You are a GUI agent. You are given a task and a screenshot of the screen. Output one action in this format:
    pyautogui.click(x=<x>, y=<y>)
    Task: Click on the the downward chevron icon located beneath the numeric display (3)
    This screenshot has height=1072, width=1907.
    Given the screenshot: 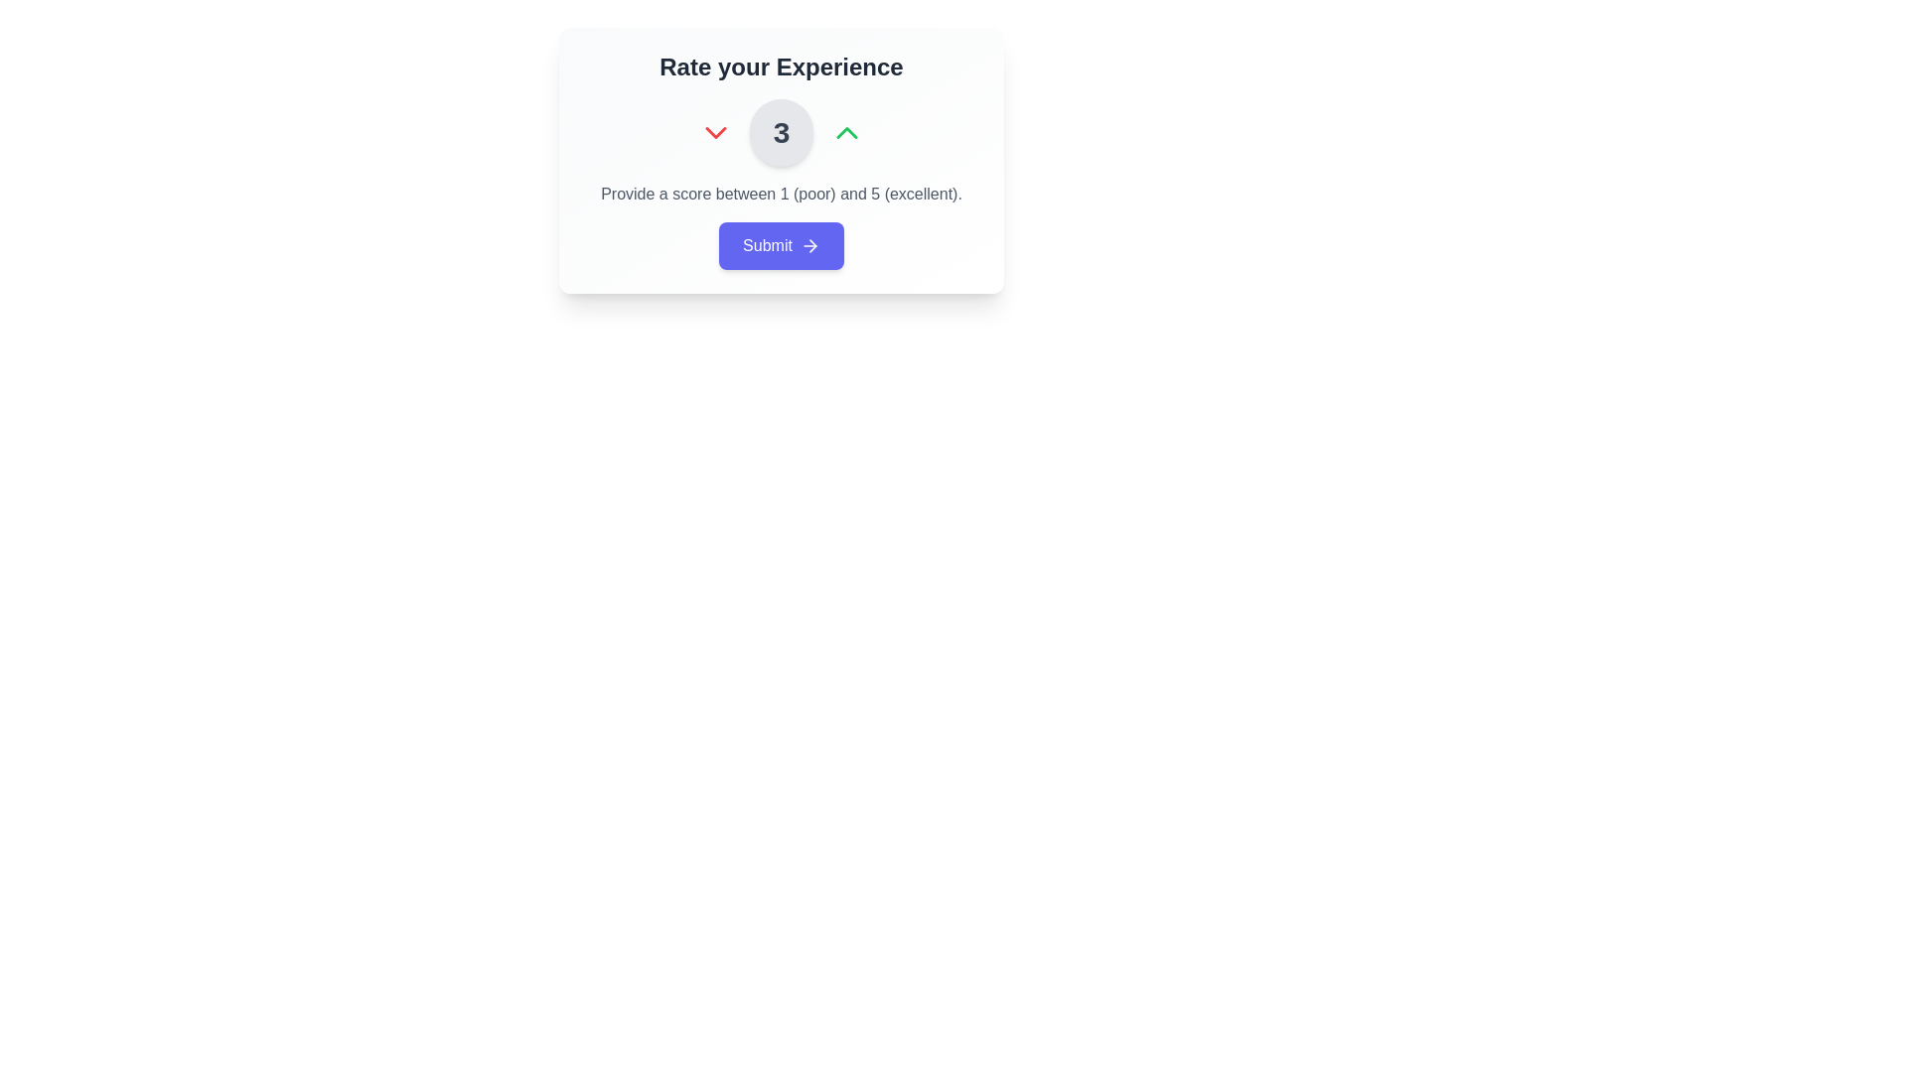 What is the action you would take?
    pyautogui.click(x=715, y=133)
    